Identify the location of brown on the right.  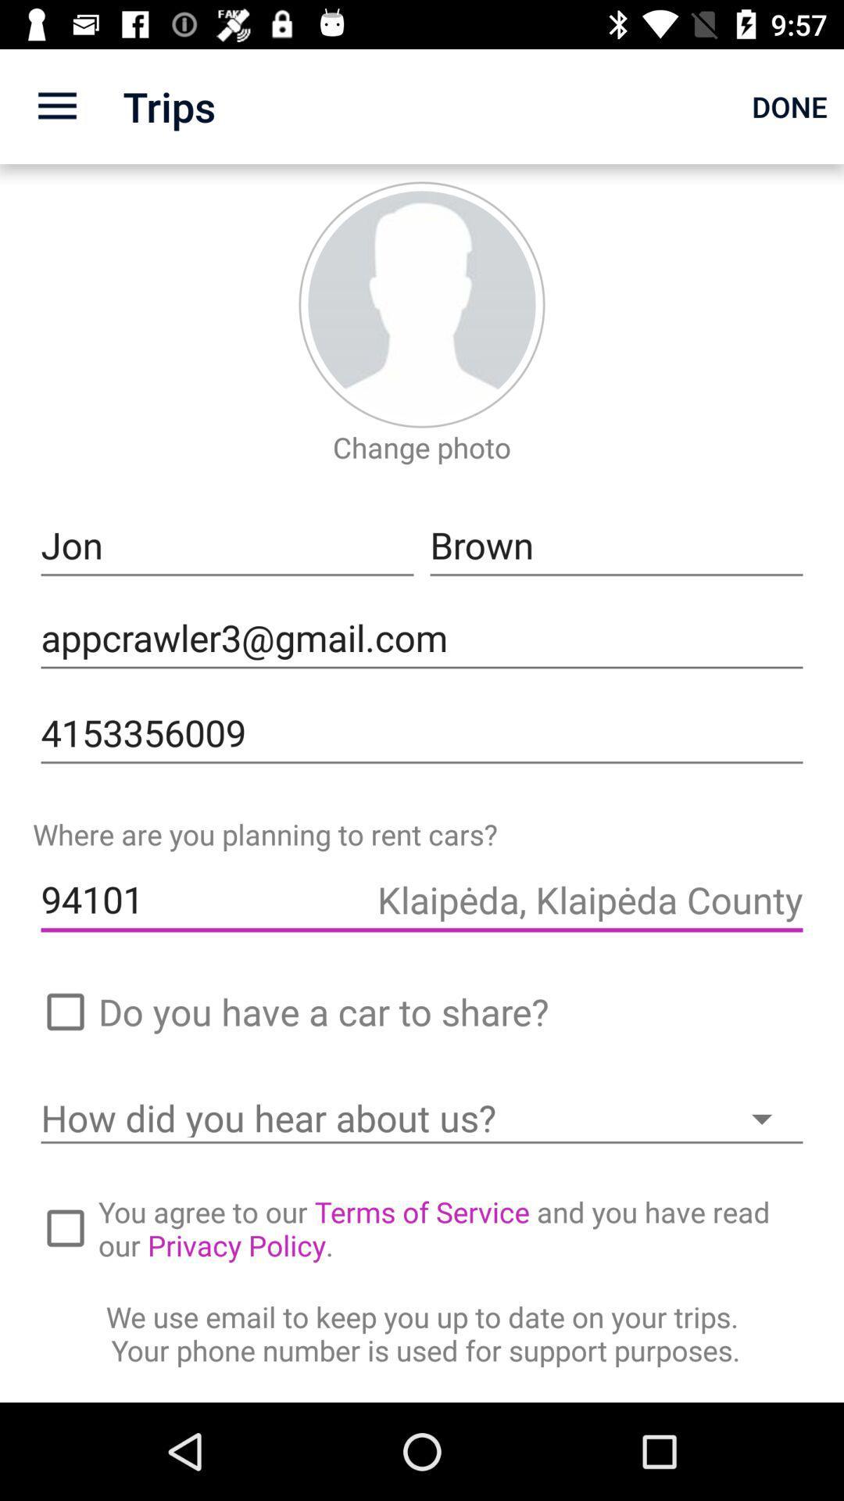
(616, 546).